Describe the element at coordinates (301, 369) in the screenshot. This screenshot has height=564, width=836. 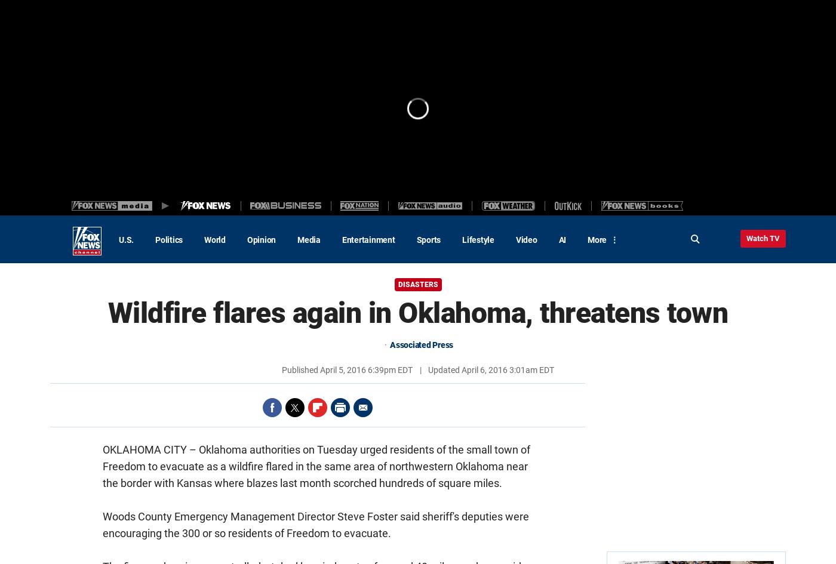
I see `'Published'` at that location.